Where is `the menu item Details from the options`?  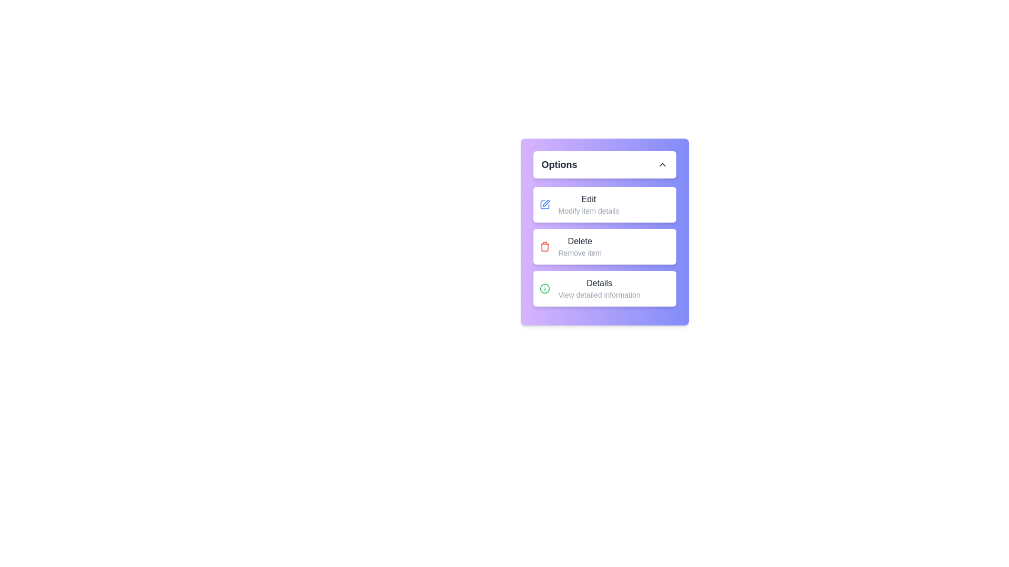
the menu item Details from the options is located at coordinates (604, 289).